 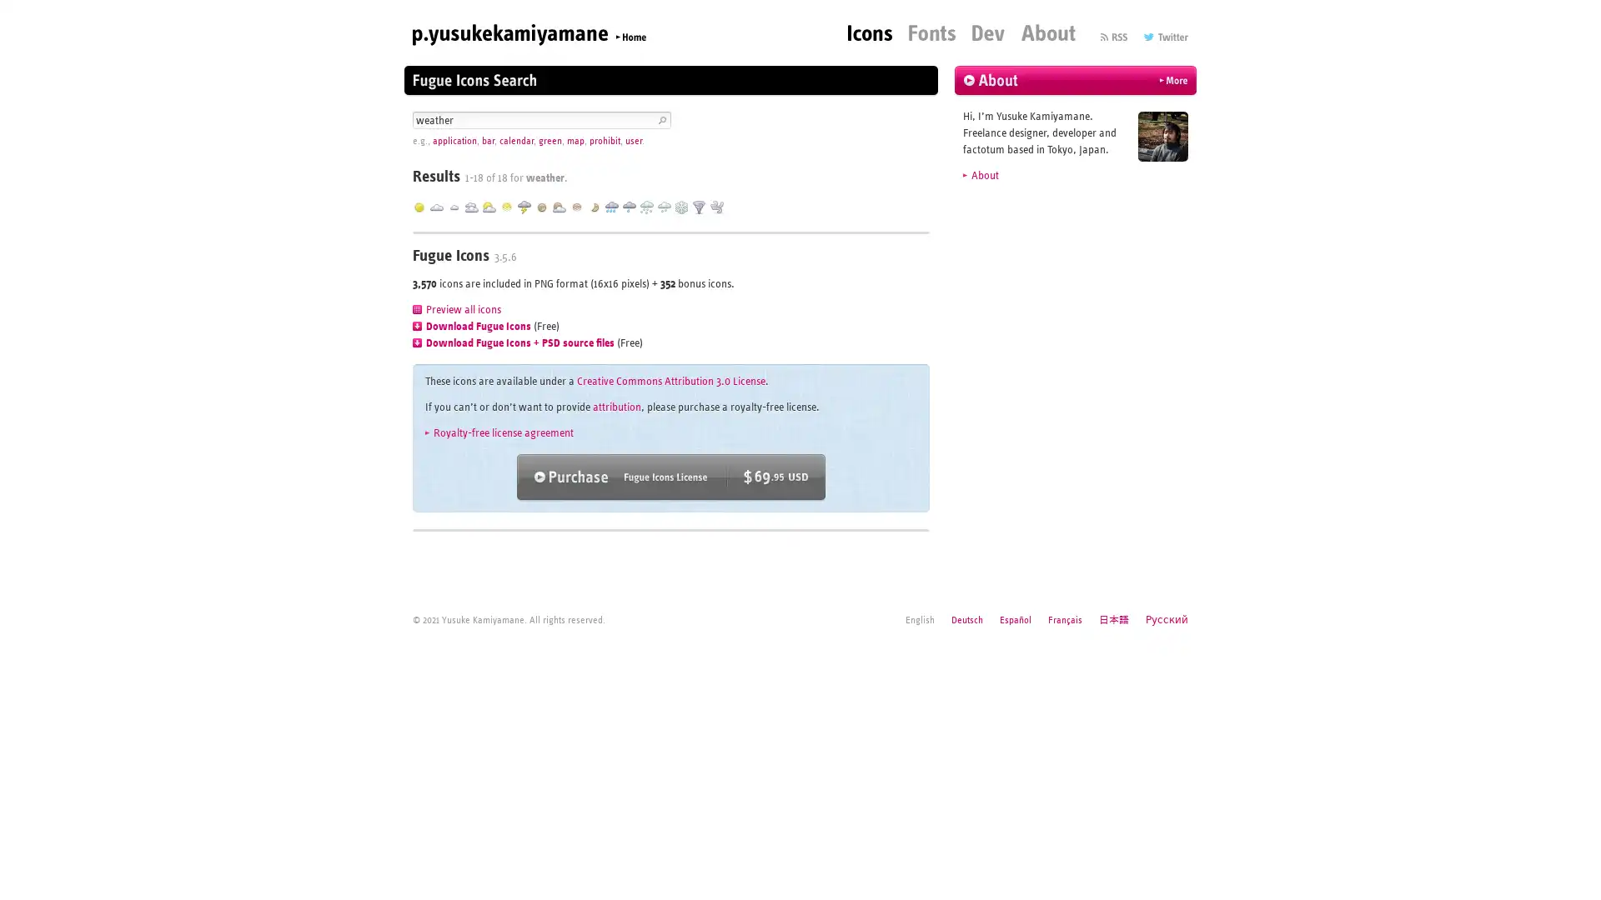 What do you see at coordinates (671, 477) in the screenshot?
I see `Purchase Fugue Icons ($69.95 USD)` at bounding box center [671, 477].